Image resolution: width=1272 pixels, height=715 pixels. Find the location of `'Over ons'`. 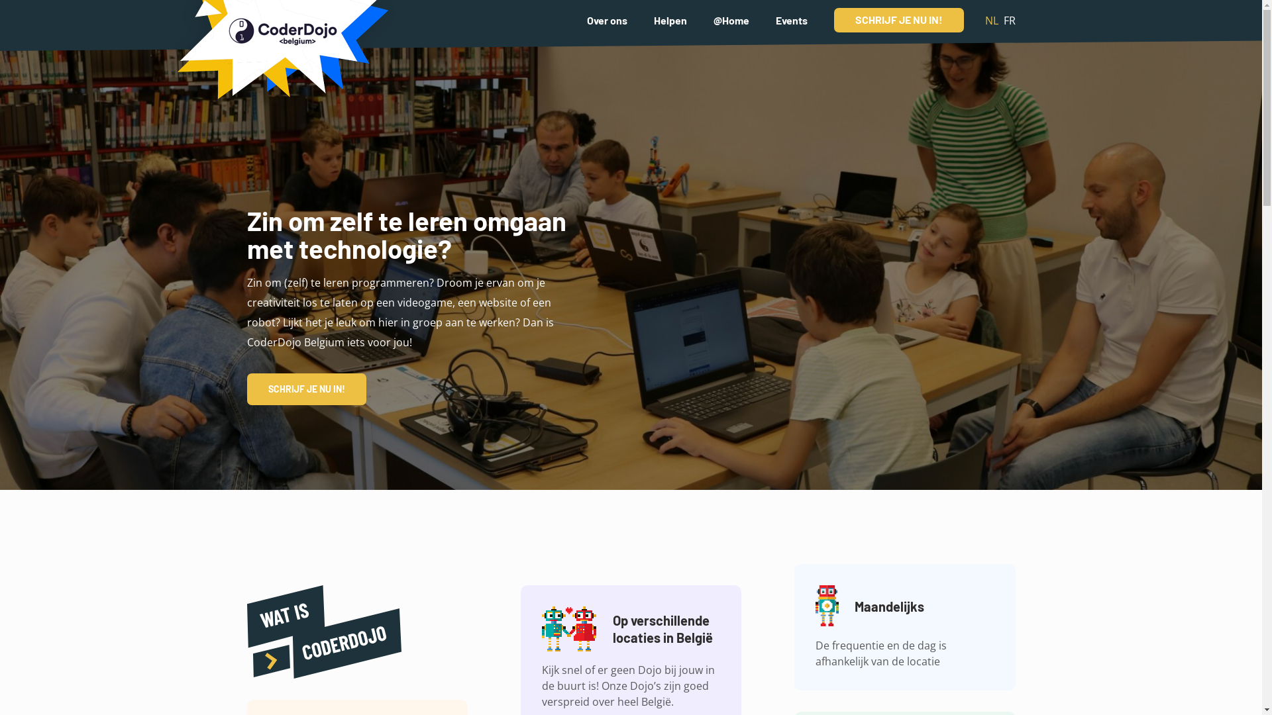

'Over ons' is located at coordinates (586, 19).